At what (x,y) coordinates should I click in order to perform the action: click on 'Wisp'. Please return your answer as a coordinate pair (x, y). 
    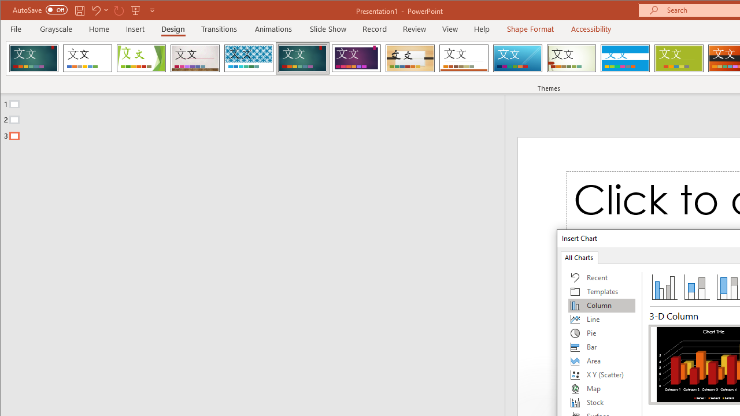
    Looking at the image, I should click on (571, 58).